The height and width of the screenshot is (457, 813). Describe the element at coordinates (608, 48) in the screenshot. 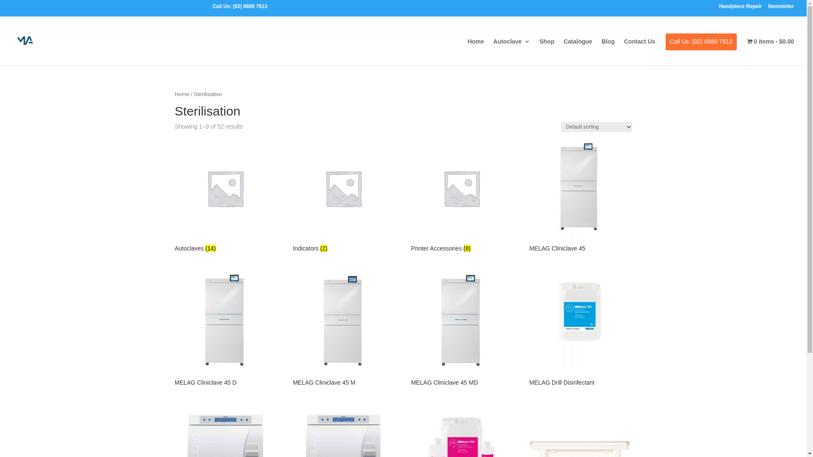

I see `'Blog'` at that location.